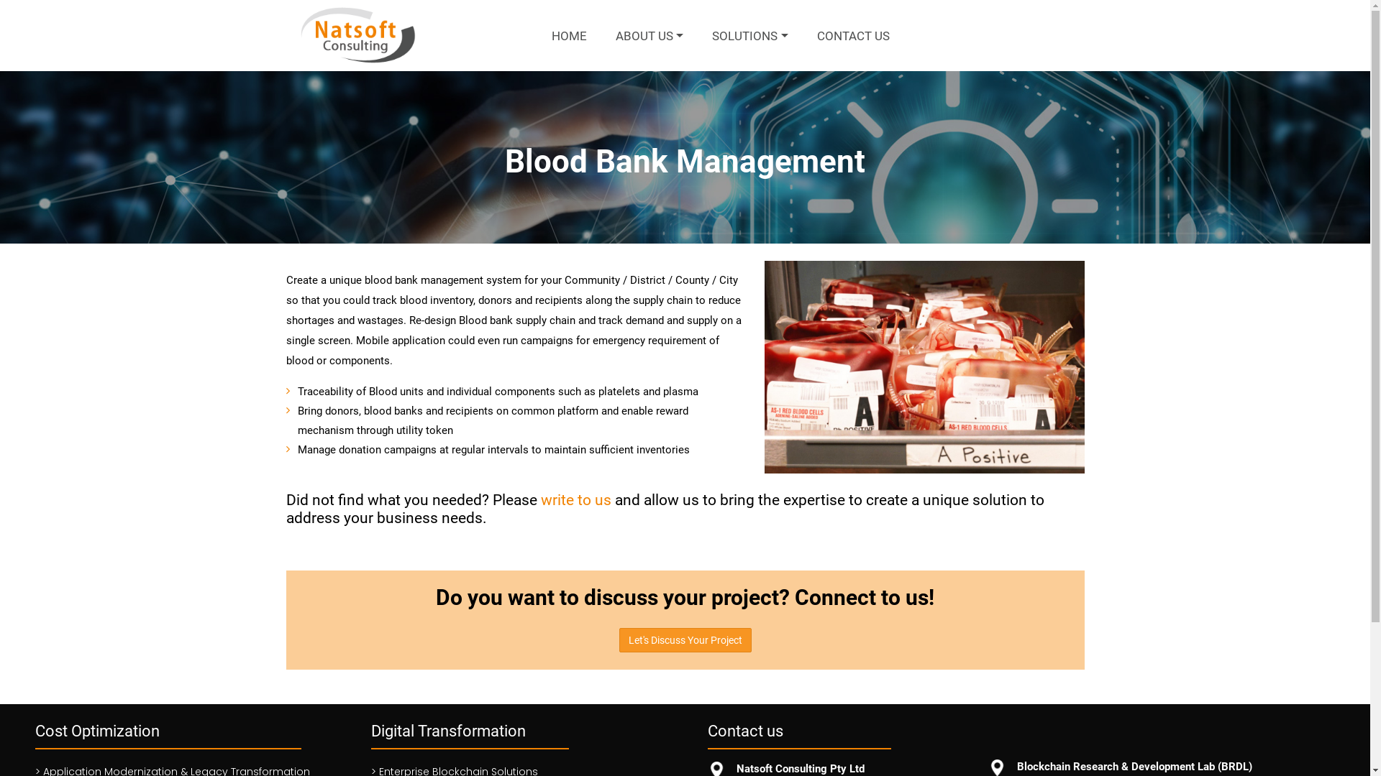  Describe the element at coordinates (853, 35) in the screenshot. I see `'CONTACT US'` at that location.